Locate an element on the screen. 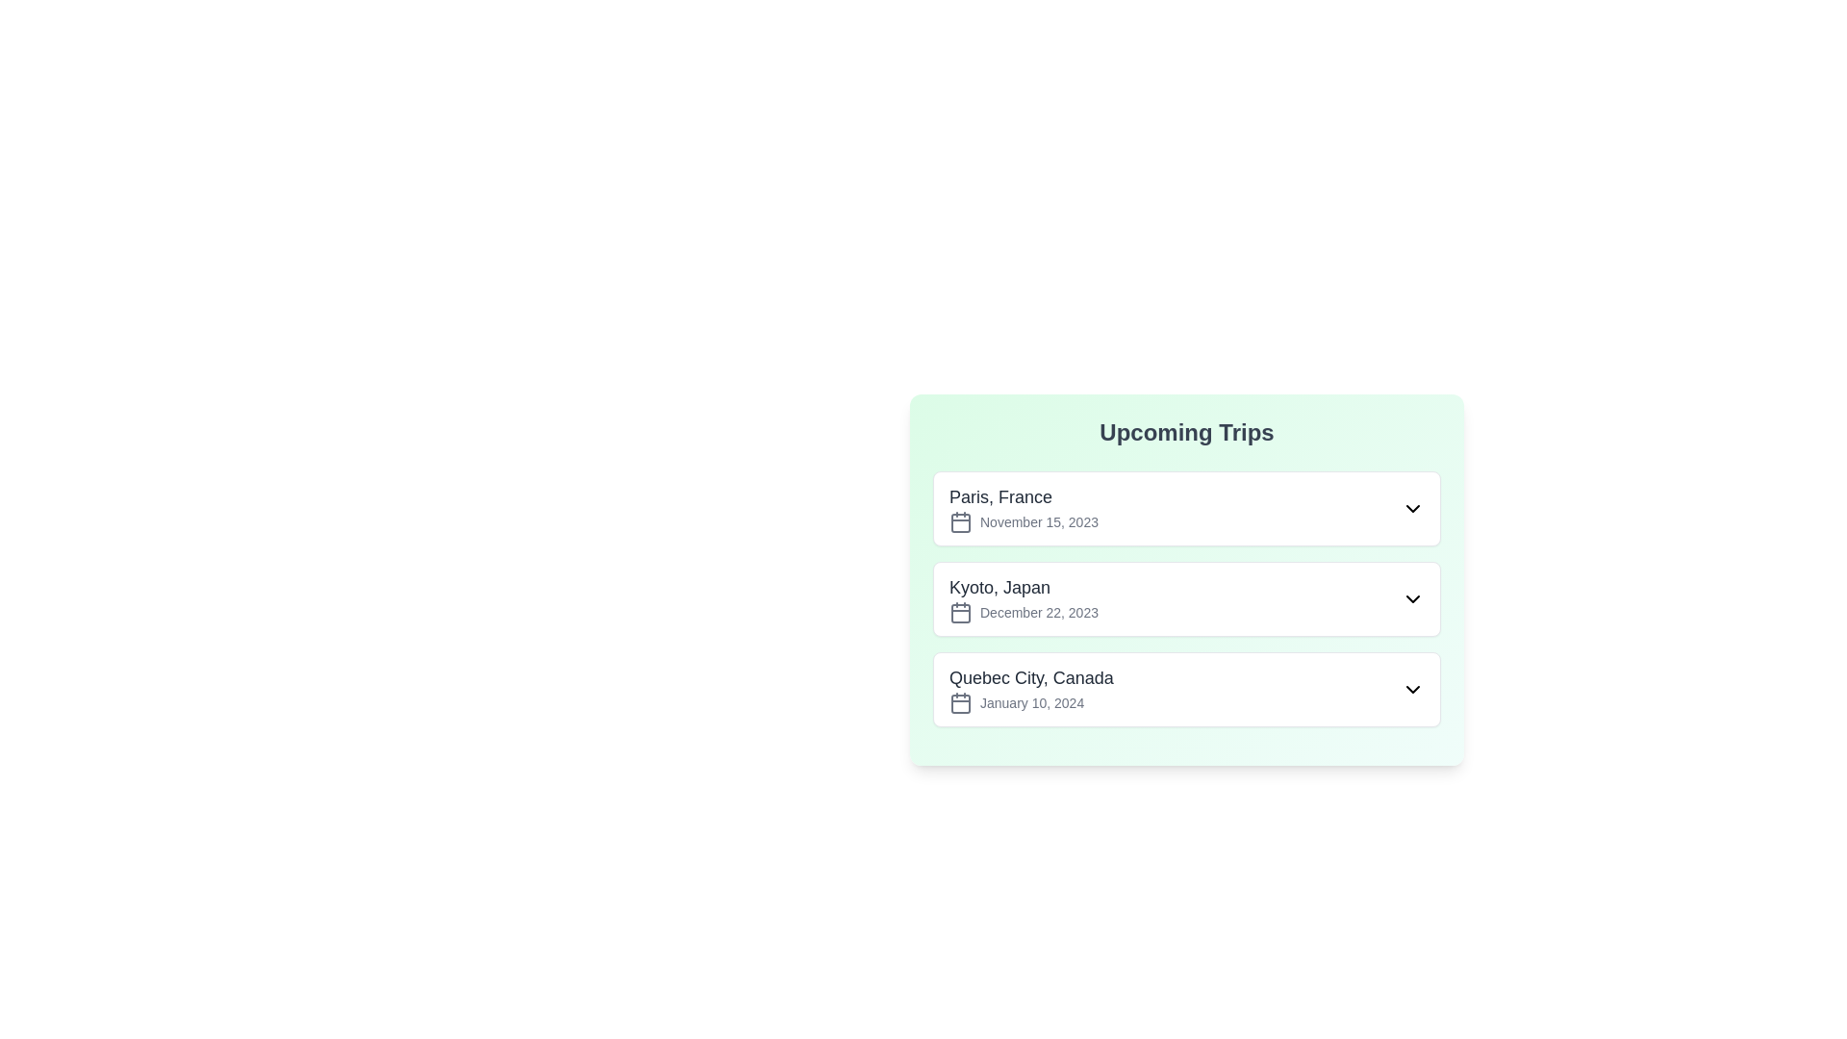 This screenshot has height=1039, width=1847. the calendar icon located slightly to the left of the text 'December 22, 2023' in the 'Upcoming Trips' list is located at coordinates (960, 612).